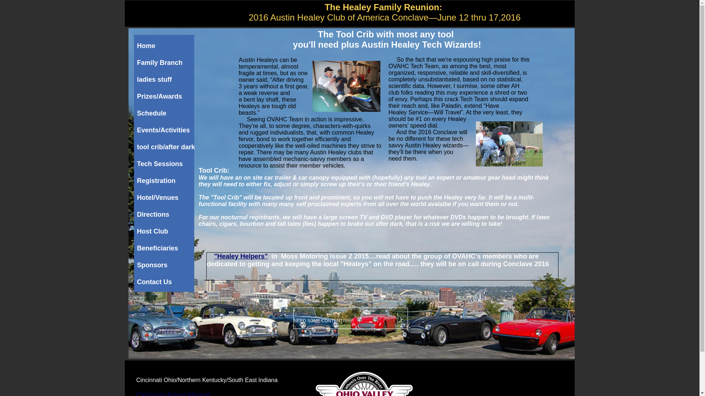 The image size is (705, 396). Describe the element at coordinates (165, 282) in the screenshot. I see `'Contact Us'` at that location.